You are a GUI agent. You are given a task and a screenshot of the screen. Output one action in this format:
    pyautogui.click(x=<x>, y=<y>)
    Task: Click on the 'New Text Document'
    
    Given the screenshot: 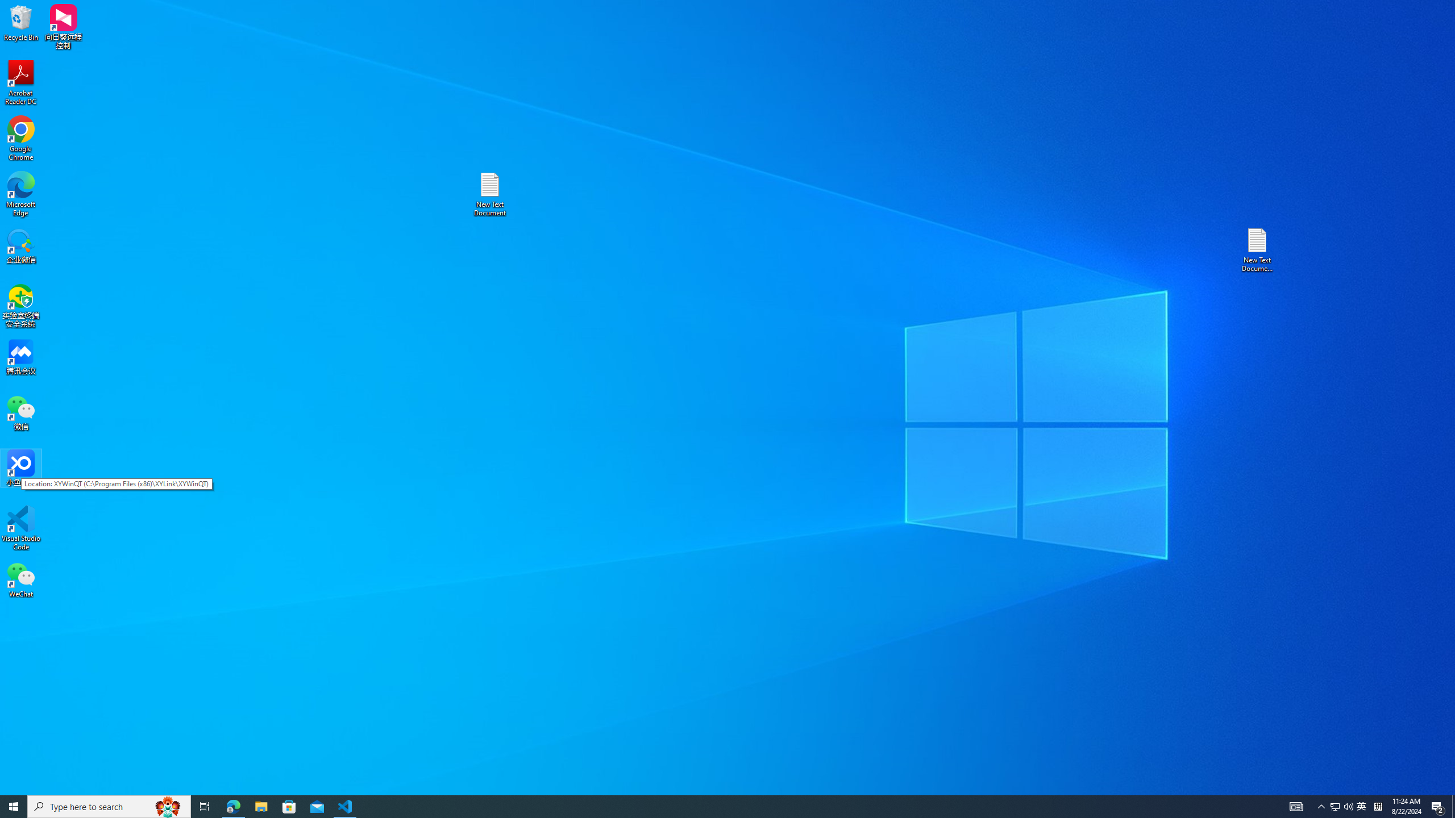 What is the action you would take?
    pyautogui.click(x=489, y=194)
    